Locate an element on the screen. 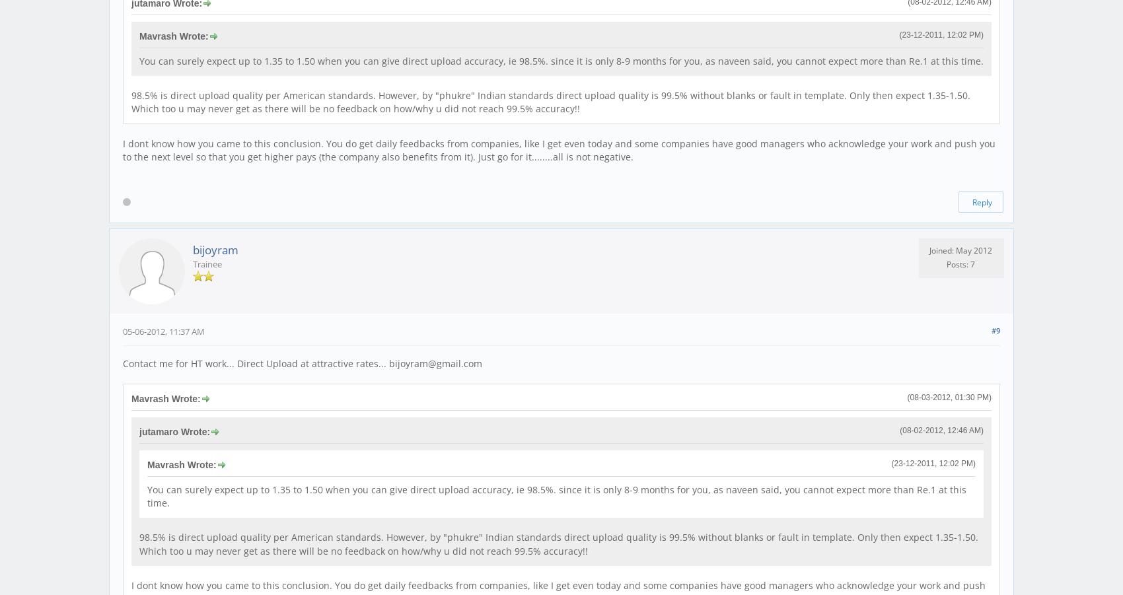 The width and height of the screenshot is (1123, 595). '05-06-2012, 11:37 AM' is located at coordinates (122, 330).